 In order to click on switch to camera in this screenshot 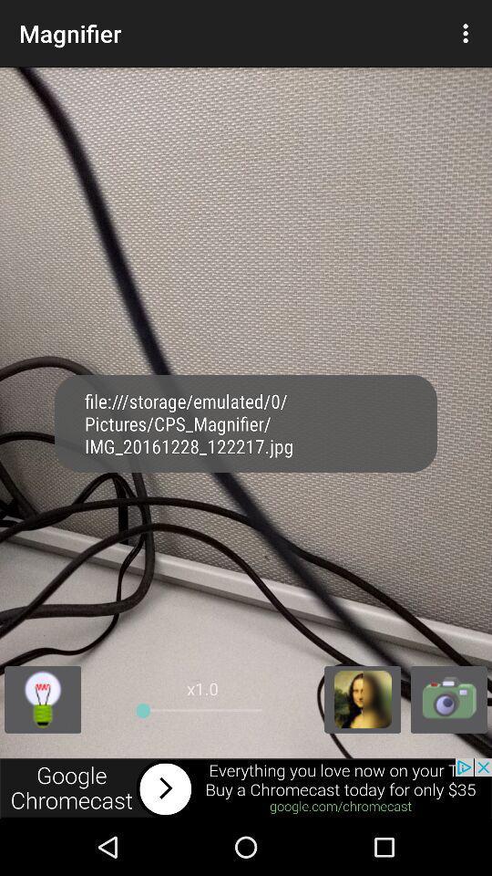, I will do `click(447, 698)`.